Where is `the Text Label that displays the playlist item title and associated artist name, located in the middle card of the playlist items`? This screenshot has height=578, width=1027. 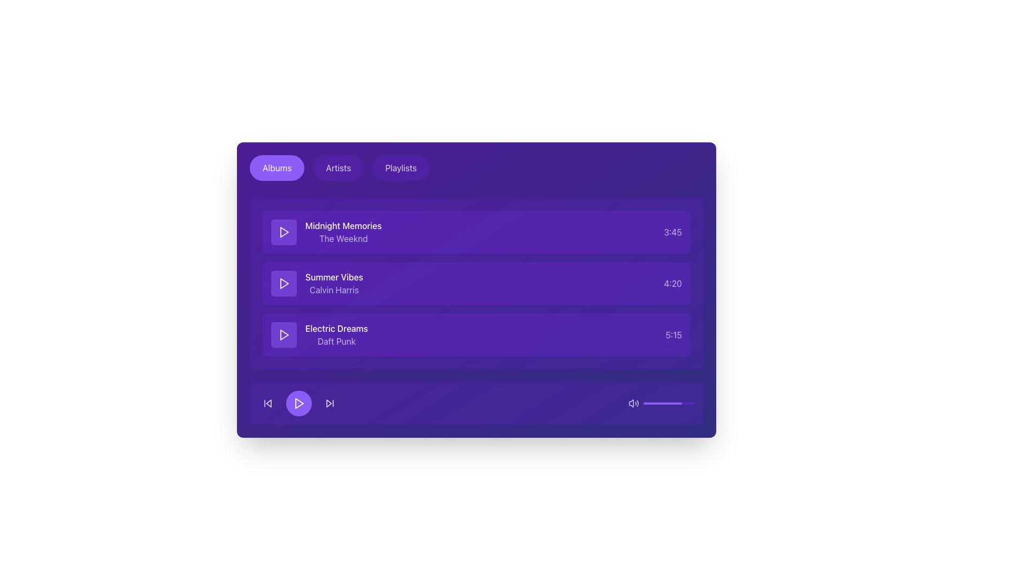
the Text Label that displays the playlist item title and associated artist name, located in the middle card of the playlist items is located at coordinates (333, 283).